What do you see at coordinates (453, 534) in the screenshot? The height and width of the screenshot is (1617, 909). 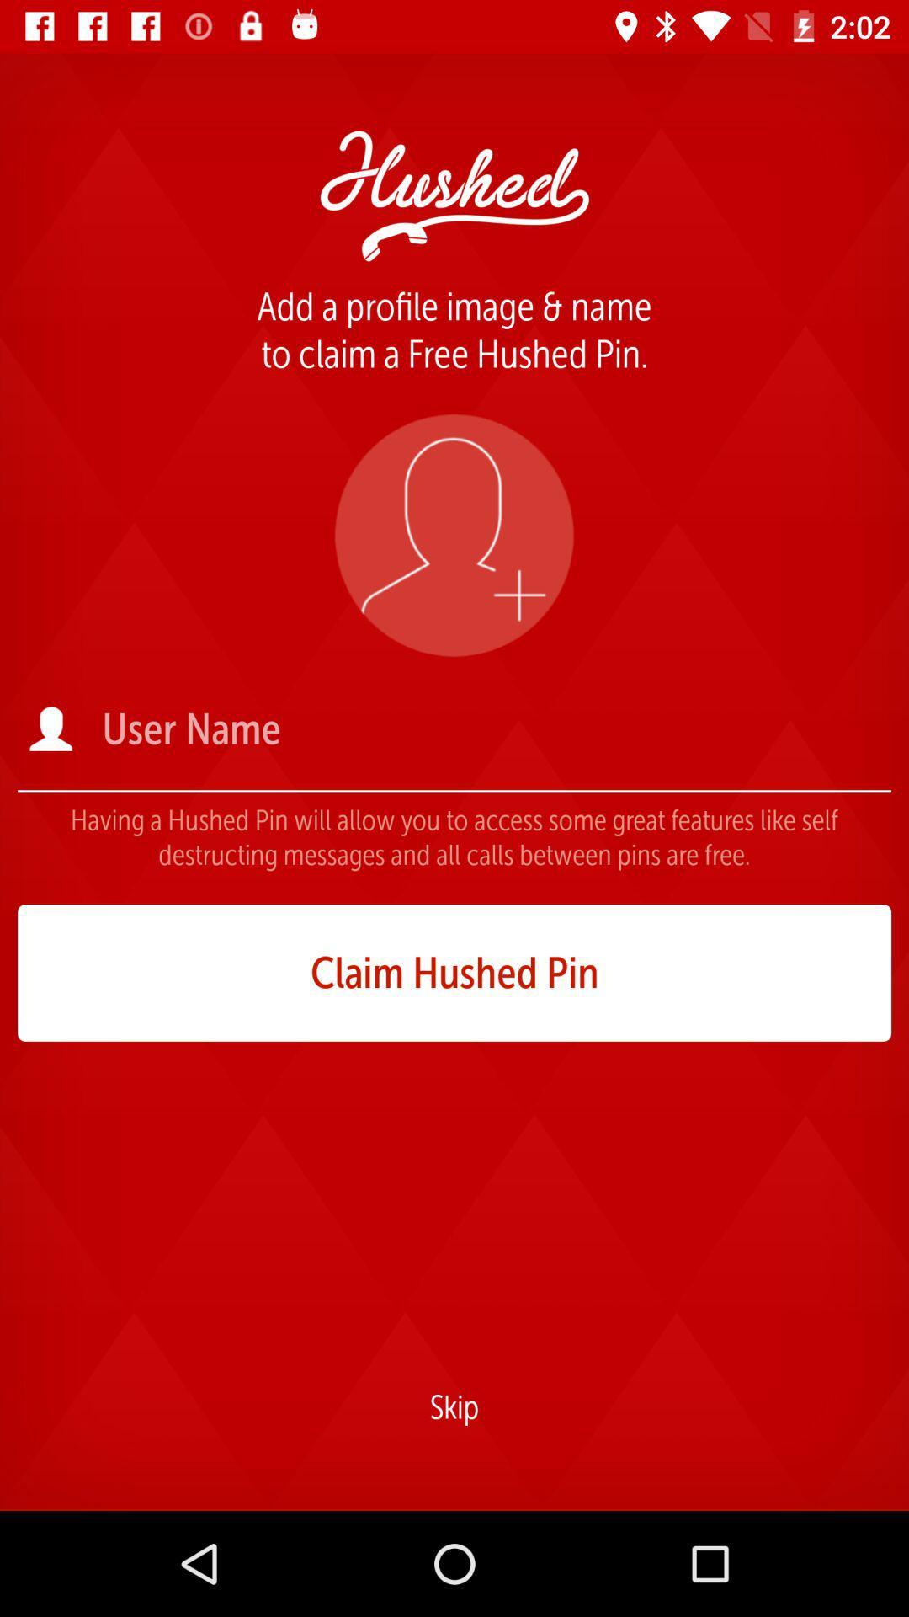 I see `profile picture` at bounding box center [453, 534].